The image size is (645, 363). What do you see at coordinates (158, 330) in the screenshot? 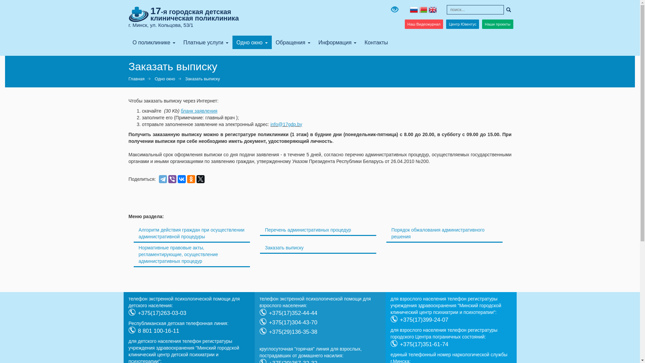
I see `'8 801 100-16-11'` at bounding box center [158, 330].